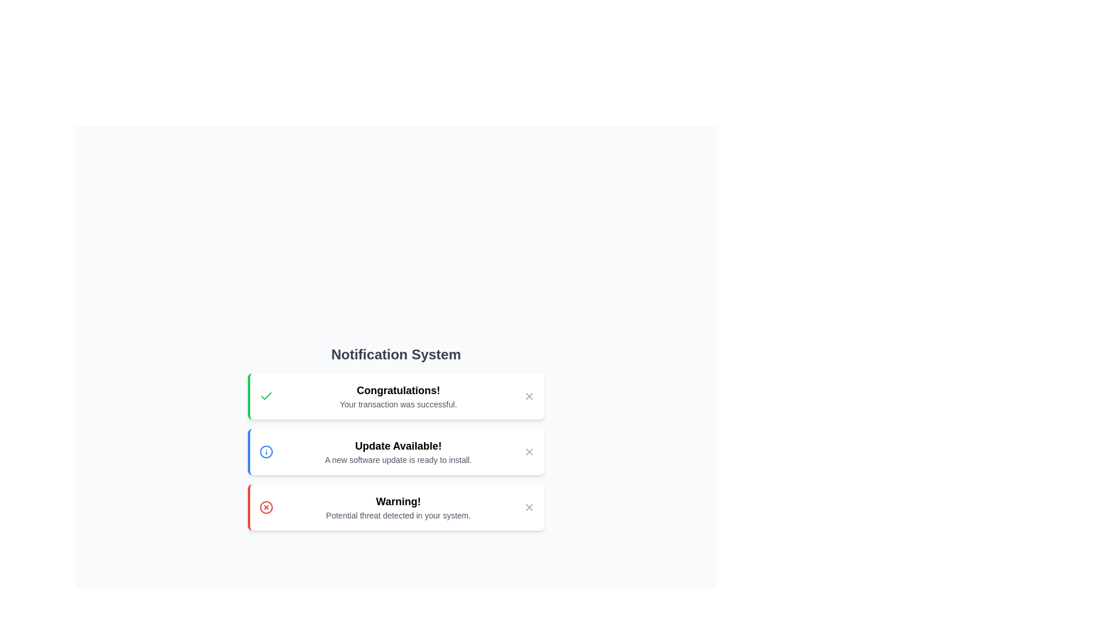  I want to click on main title of the warning message from the text label located at the top center of the third notification box in the vertically-stacked notification list, so click(398, 501).